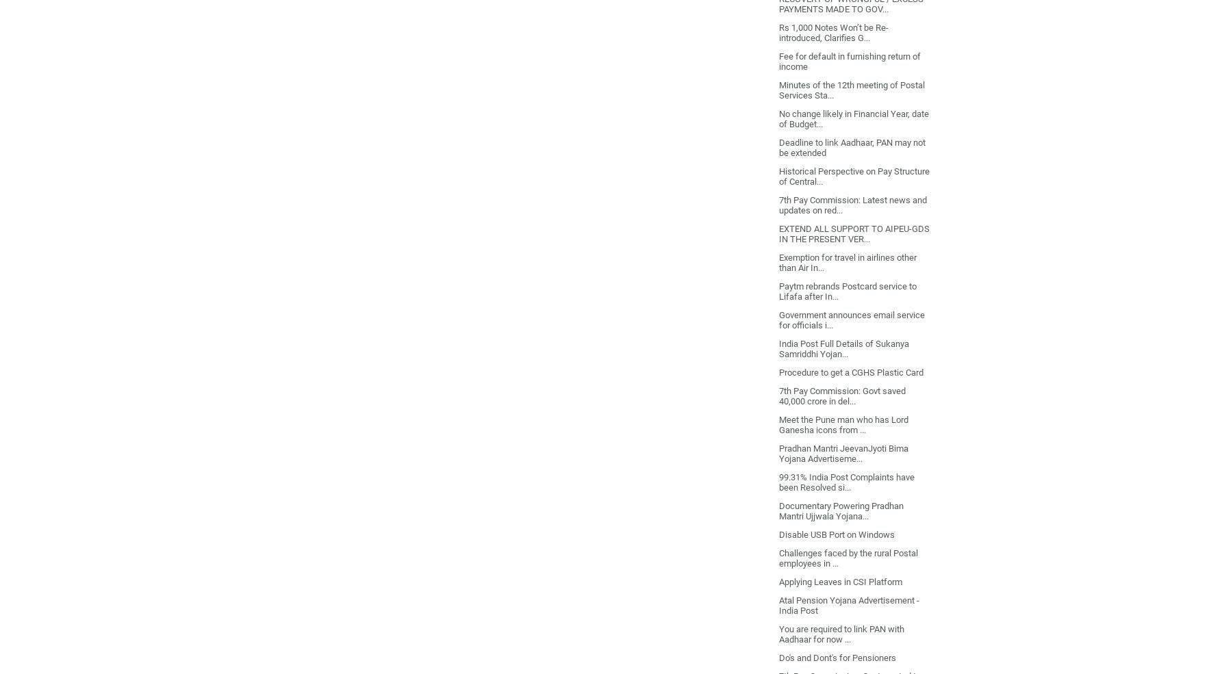 This screenshot has height=674, width=1222. What do you see at coordinates (853, 233) in the screenshot?
I see `'EXTEND ALL SUPPORT TO AIPEU-GDS IN THE PRESENT VER...'` at bounding box center [853, 233].